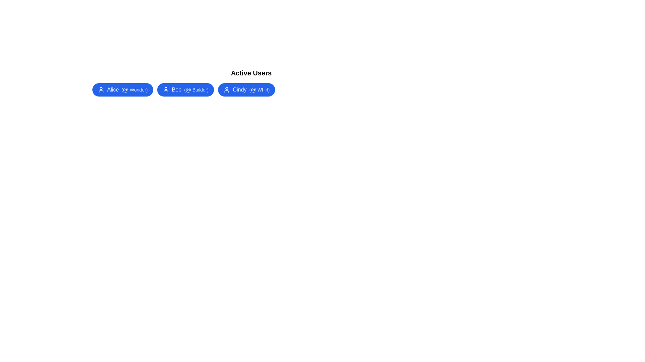 The width and height of the screenshot is (645, 362). Describe the element at coordinates (185, 89) in the screenshot. I see `the user chip labeled Bob` at that location.